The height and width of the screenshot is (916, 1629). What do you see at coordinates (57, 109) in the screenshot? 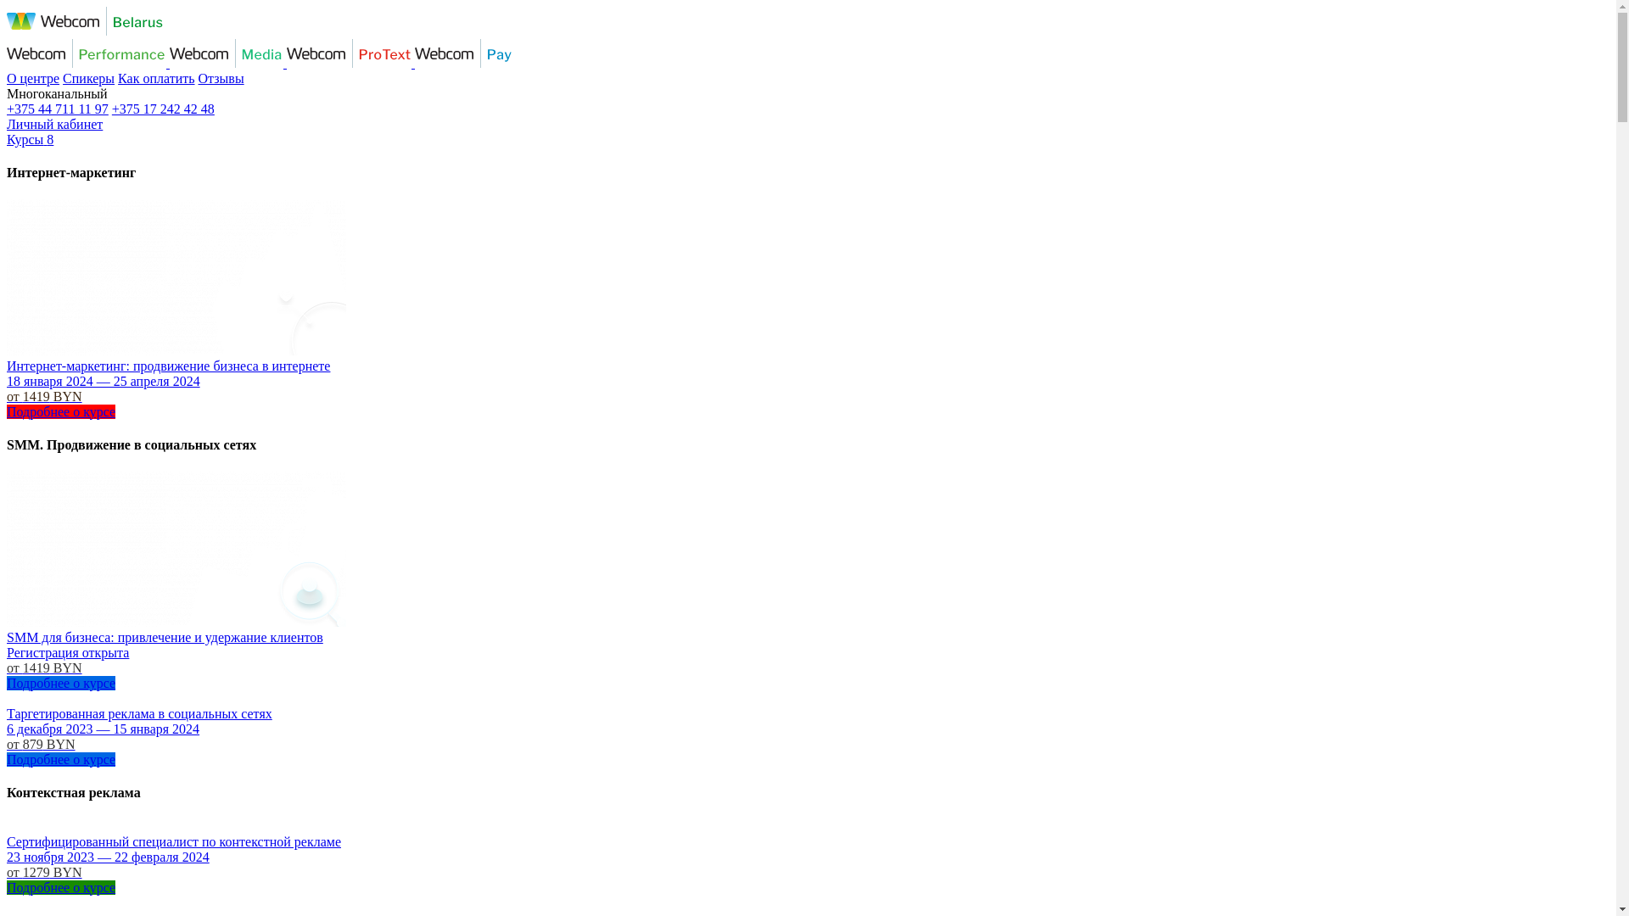
I see `'+375 44 711 11 97'` at bounding box center [57, 109].